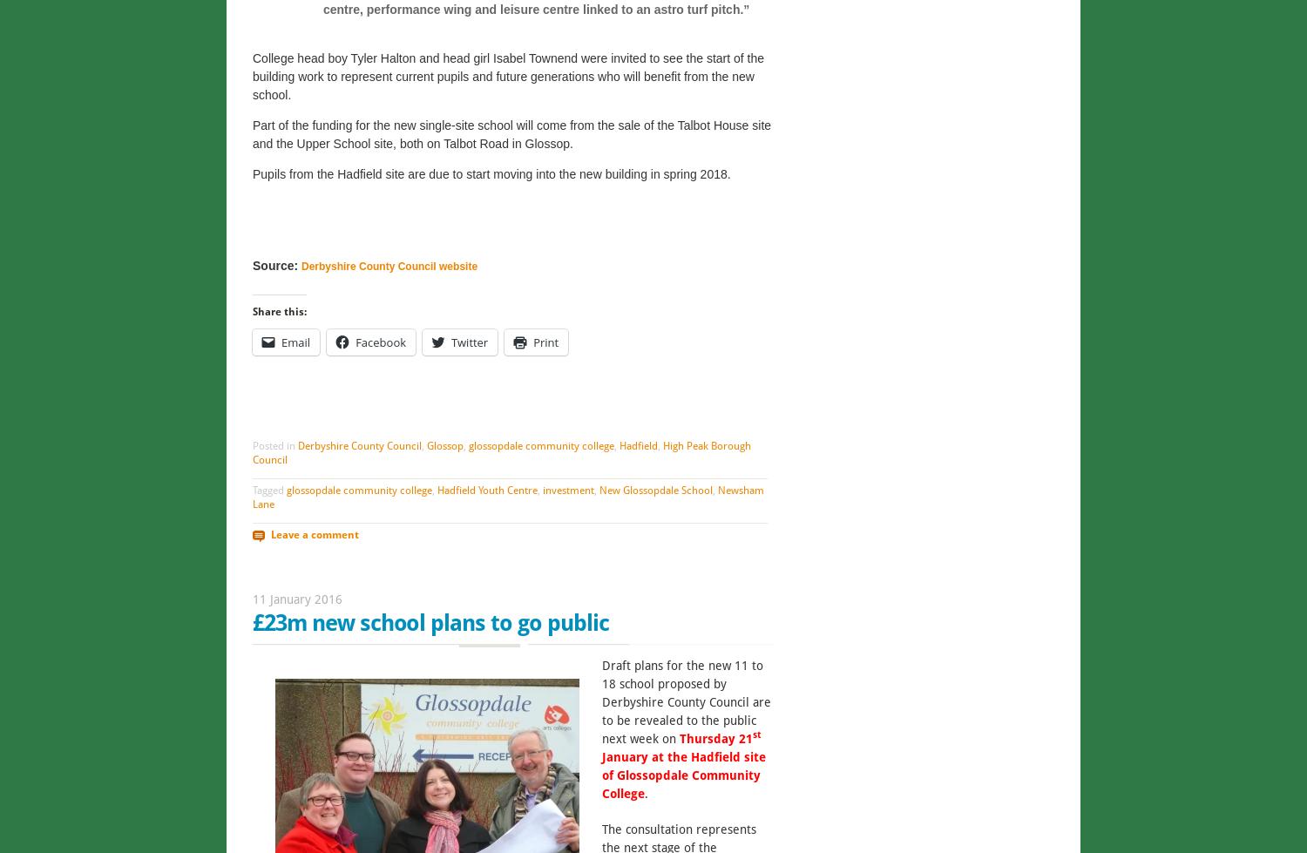 The height and width of the screenshot is (853, 1307). I want to click on 'Thursday 21', so click(680, 737).